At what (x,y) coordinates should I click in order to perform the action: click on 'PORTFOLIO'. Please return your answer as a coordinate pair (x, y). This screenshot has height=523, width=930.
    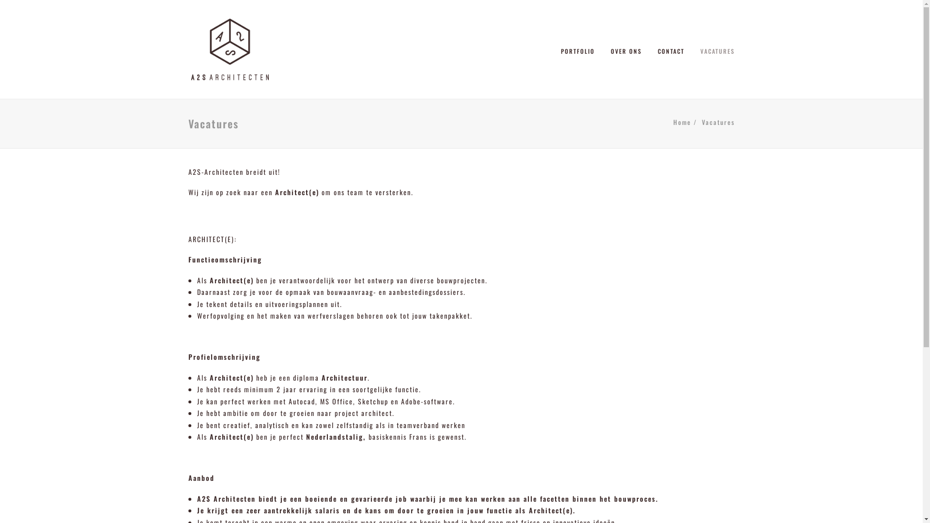
    Looking at the image, I should click on (581, 49).